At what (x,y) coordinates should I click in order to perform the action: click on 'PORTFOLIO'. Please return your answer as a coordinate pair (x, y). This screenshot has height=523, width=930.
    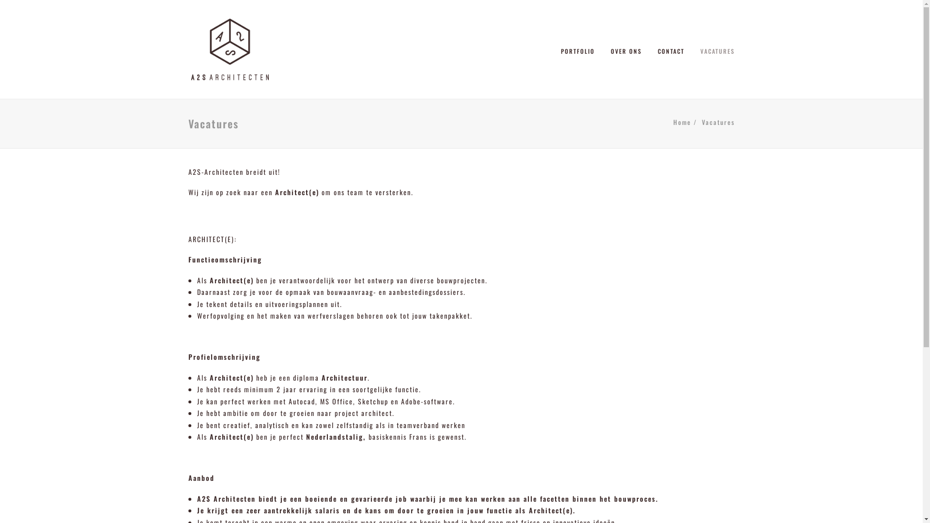
    Looking at the image, I should click on (581, 49).